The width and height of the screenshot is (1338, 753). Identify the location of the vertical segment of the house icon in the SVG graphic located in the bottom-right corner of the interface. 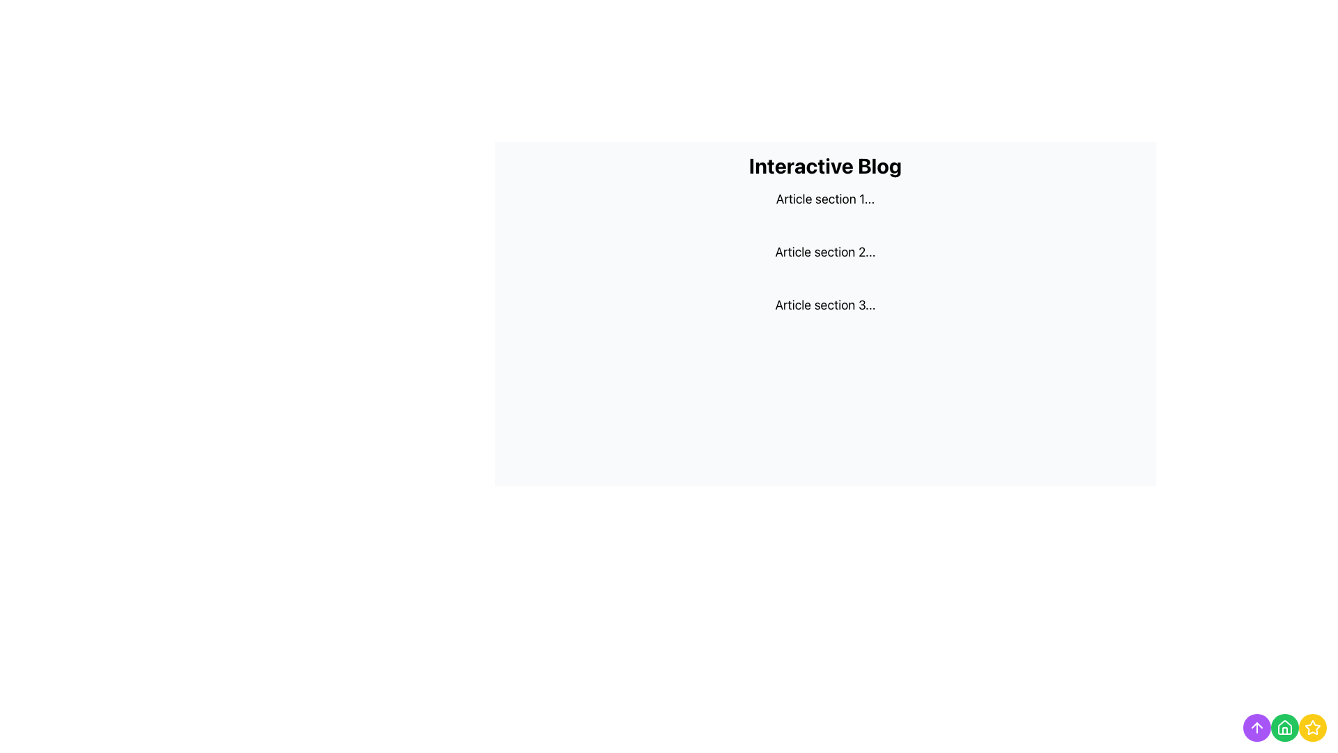
(1284, 730).